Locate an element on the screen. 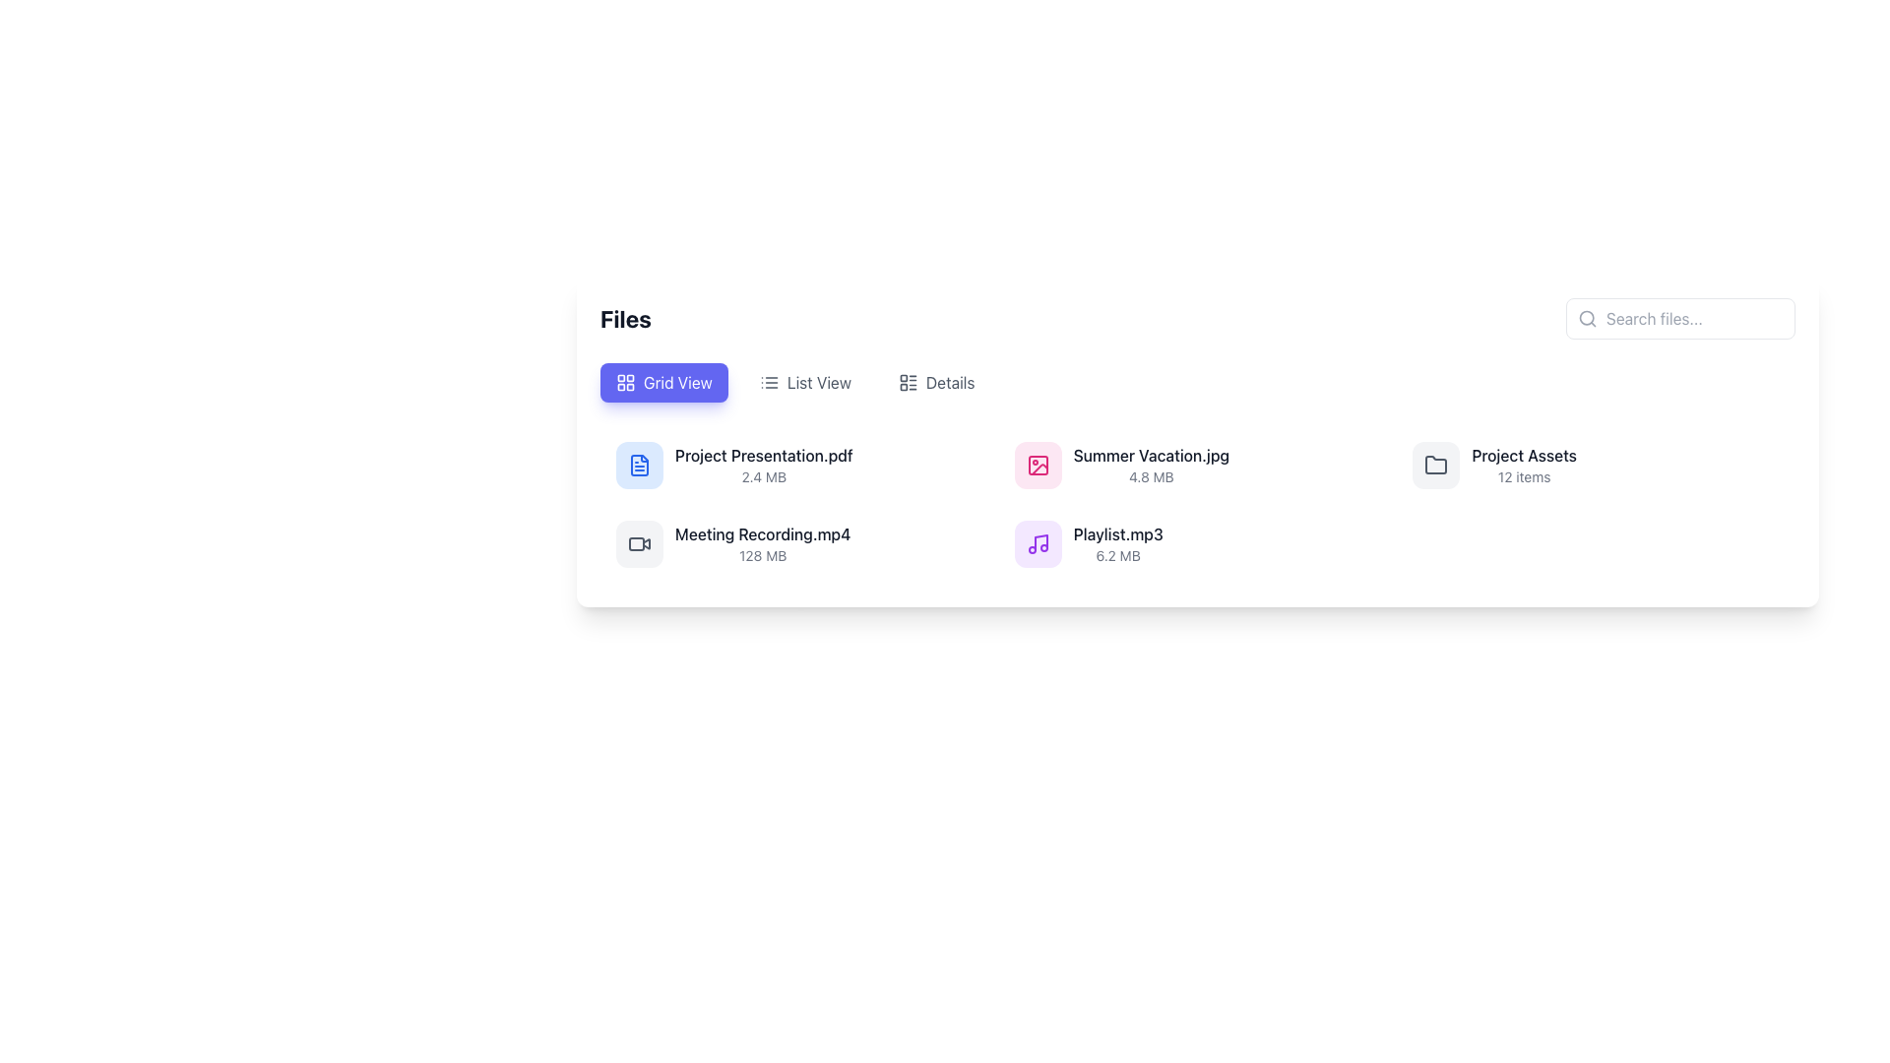  the active 'Grid View' label located in the button group at the top-left section of the file browsing panel is located at coordinates (677, 383).